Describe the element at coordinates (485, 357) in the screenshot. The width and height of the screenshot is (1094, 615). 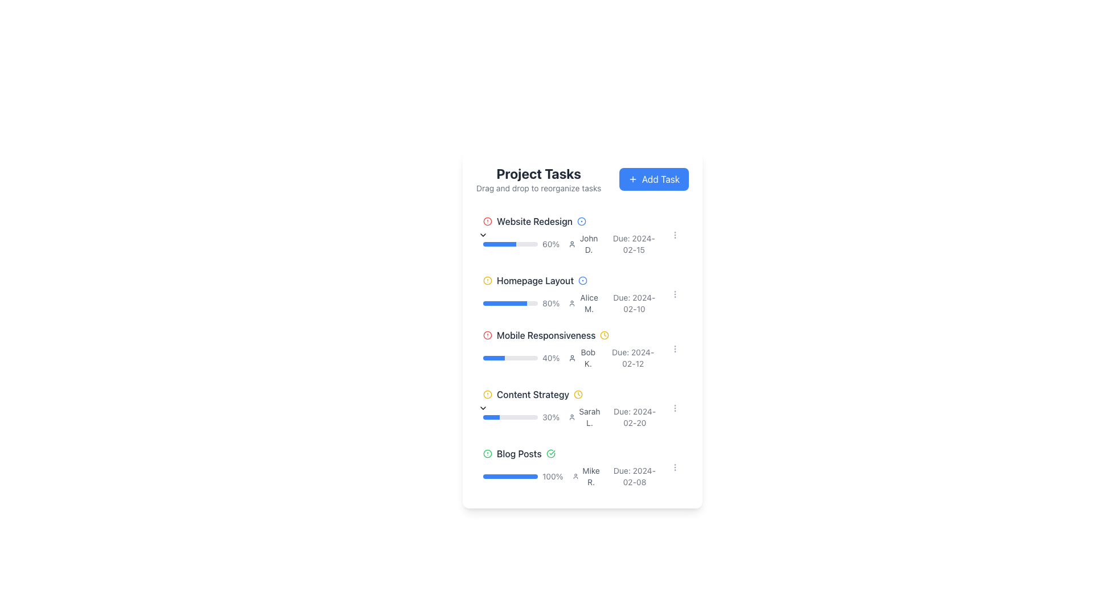
I see `progress` at that location.